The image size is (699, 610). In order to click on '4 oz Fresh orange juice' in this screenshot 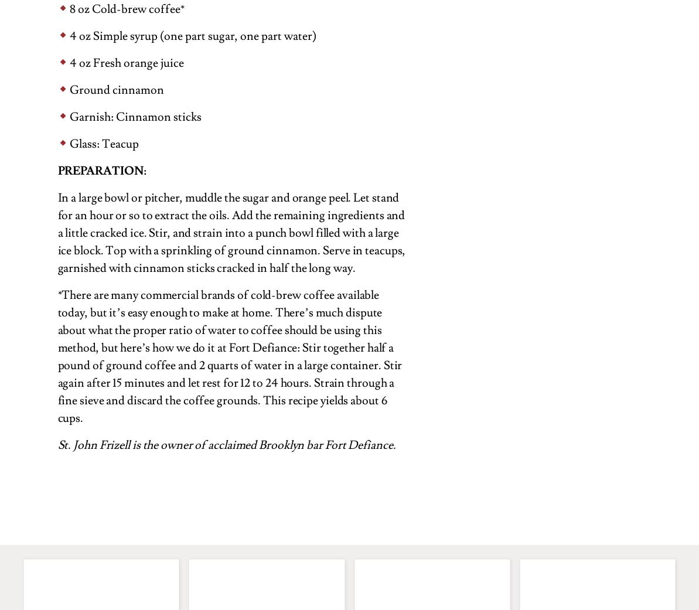, I will do `click(125, 63)`.